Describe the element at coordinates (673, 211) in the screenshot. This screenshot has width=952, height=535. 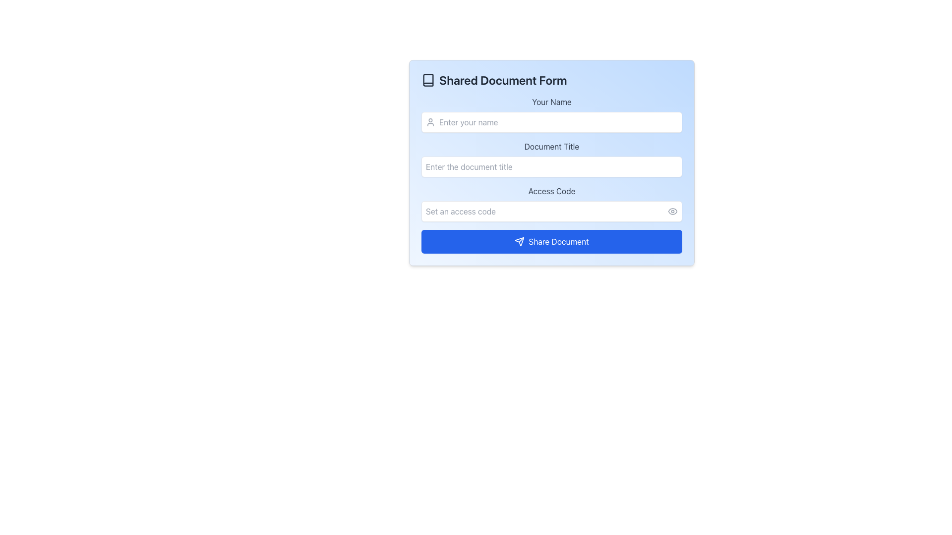
I see `the icon button located at the top-right corner of the access code input field in the 'Shared Document Form'` at that location.